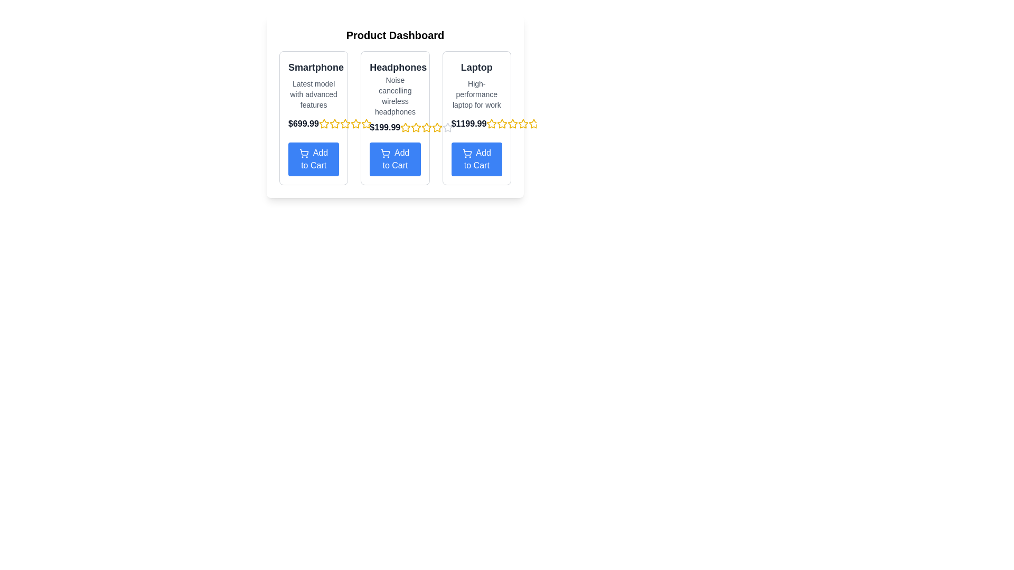  I want to click on the second star icon in the rating star row for the Laptop product, so click(448, 127).